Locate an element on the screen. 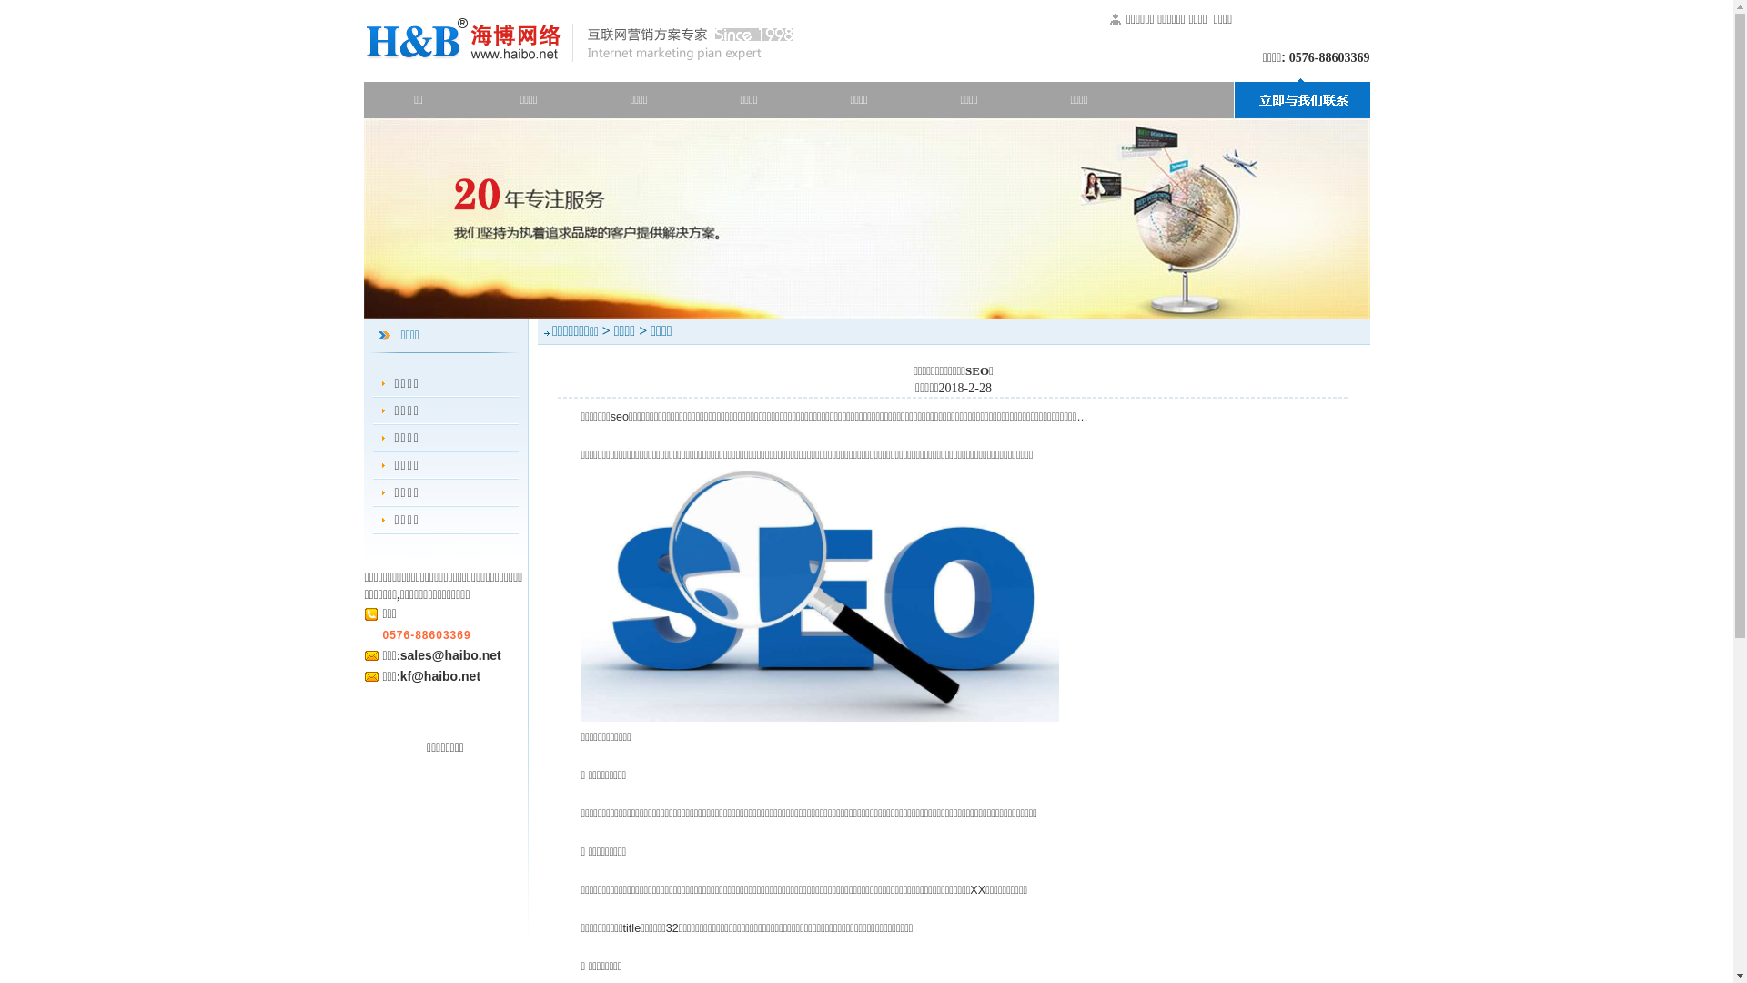 The image size is (1747, 983). 'kf@haibo.net' is located at coordinates (440, 676).